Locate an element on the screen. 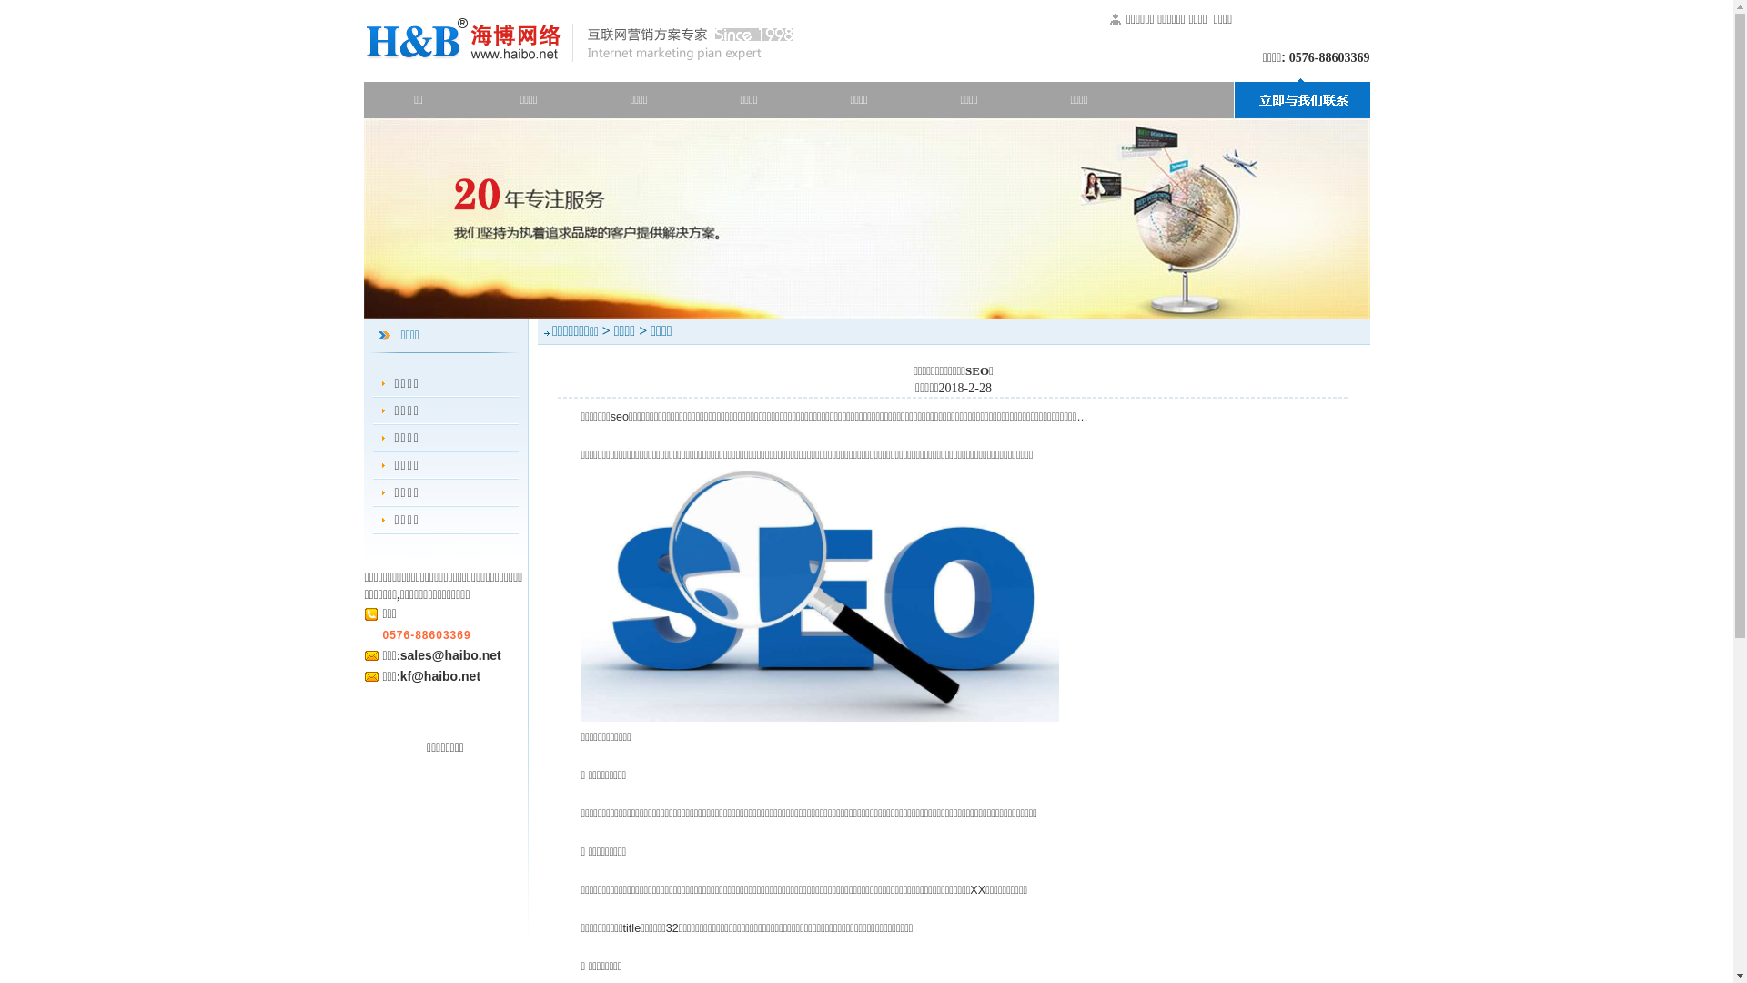 The image size is (1747, 983). 'kf@haibo.net' is located at coordinates (440, 676).